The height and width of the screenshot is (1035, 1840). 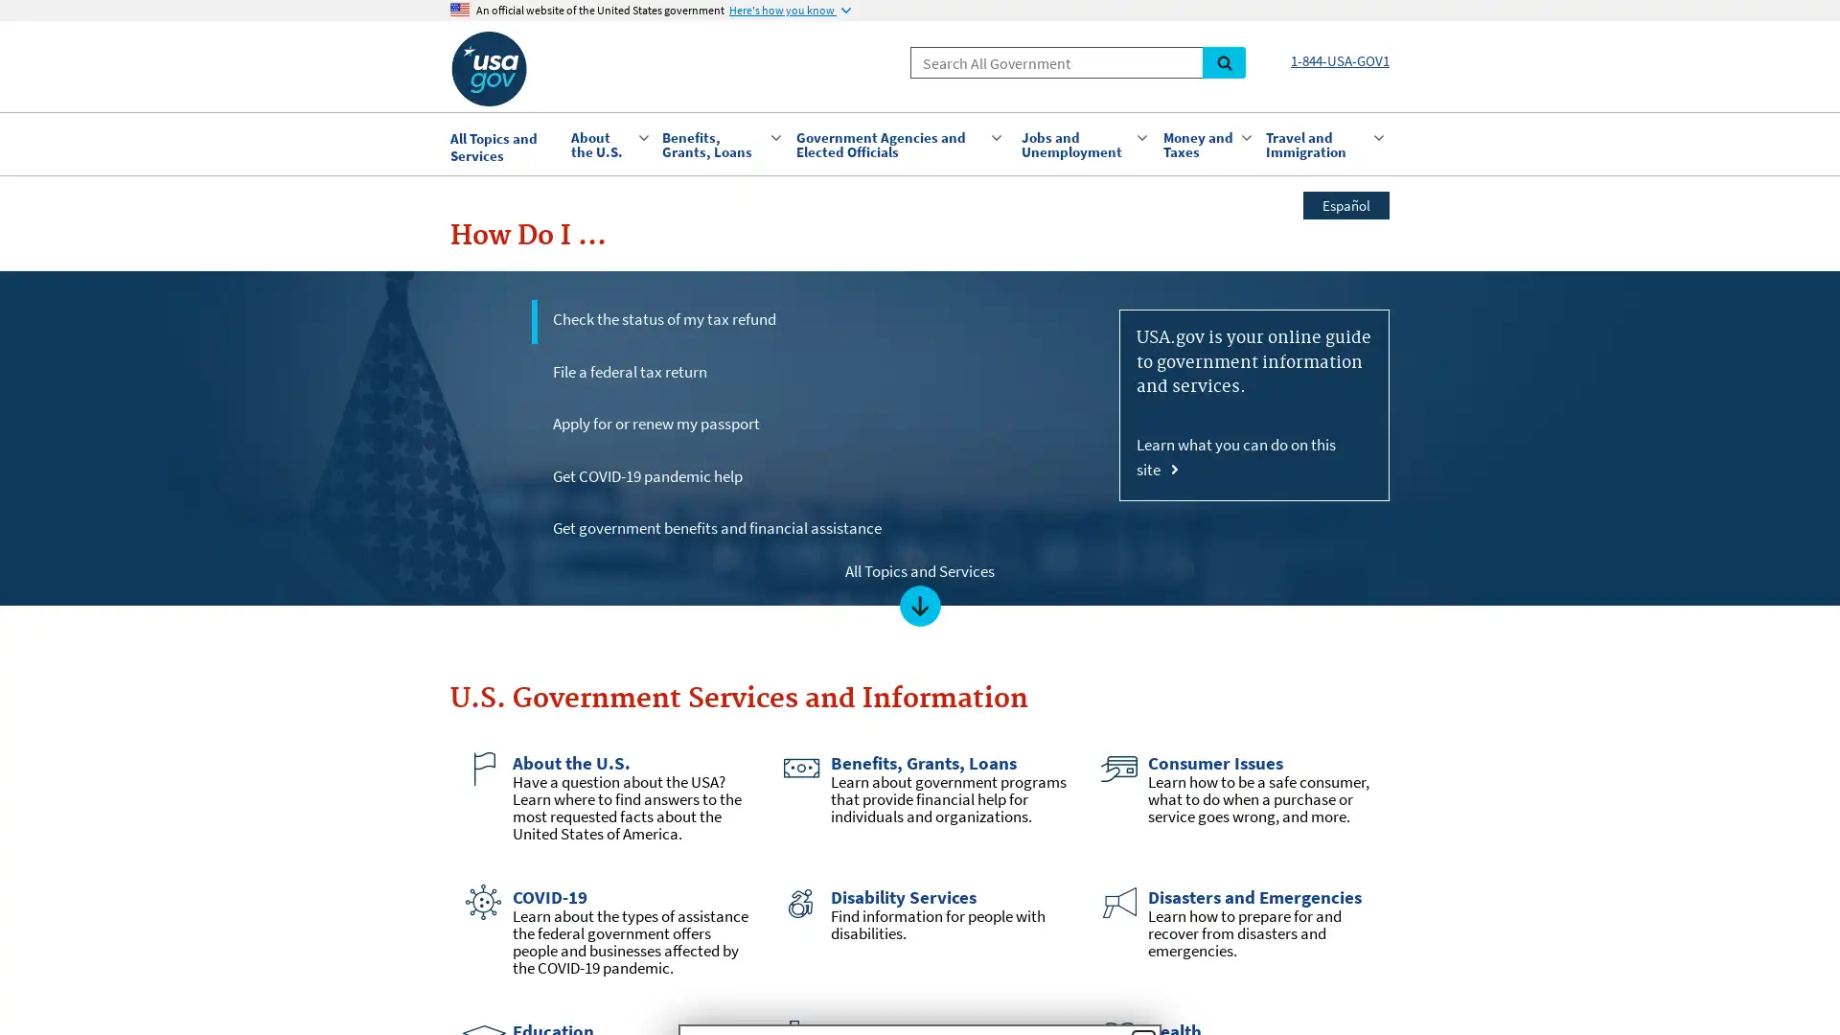 What do you see at coordinates (1143, 350) in the screenshot?
I see `Button to close this survey invitation` at bounding box center [1143, 350].